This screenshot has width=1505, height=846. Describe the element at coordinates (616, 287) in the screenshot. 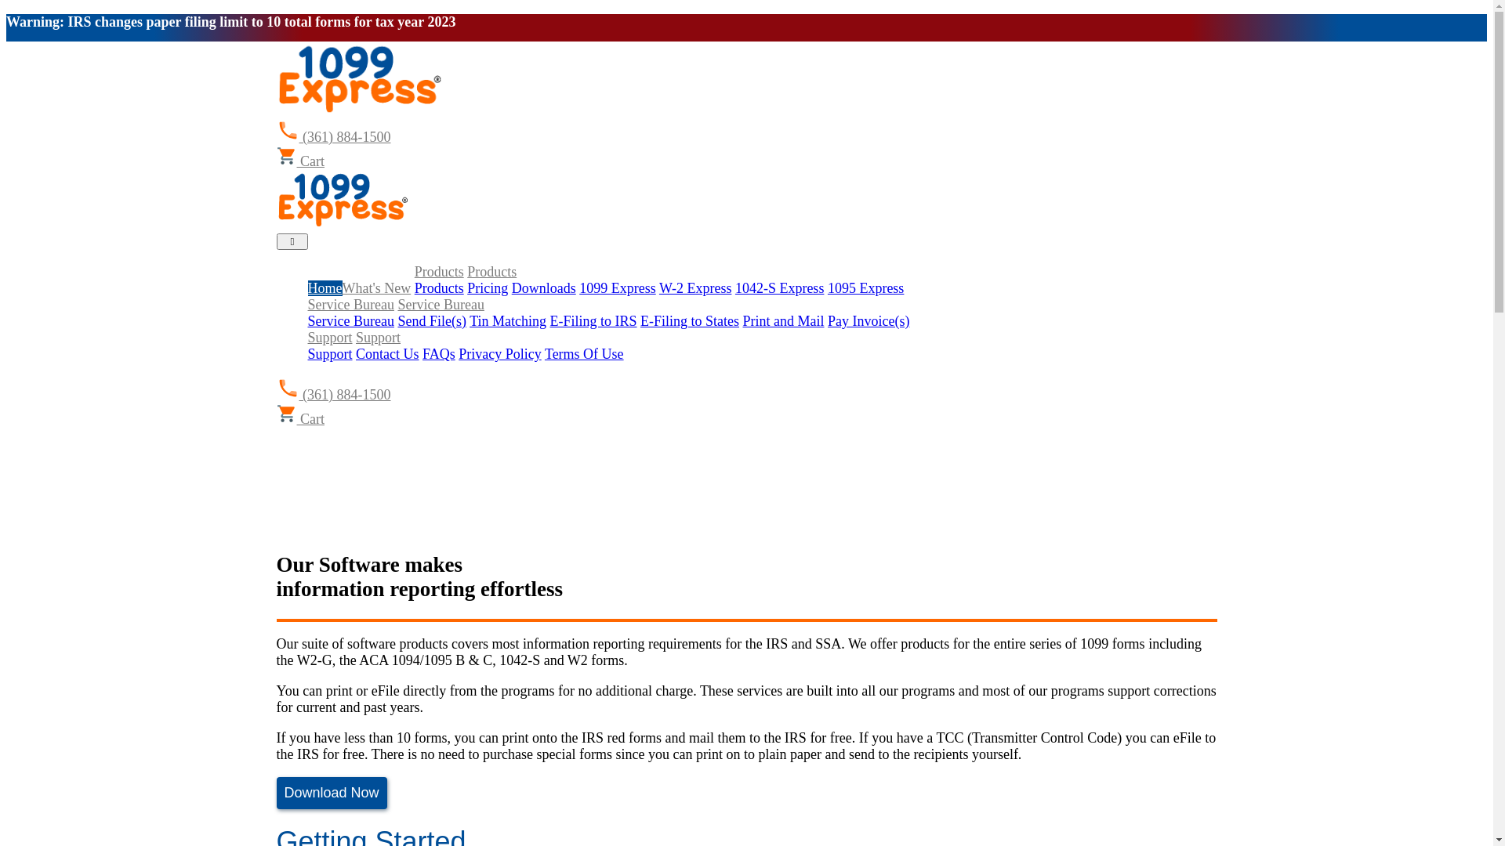

I see `'1099 Express'` at that location.